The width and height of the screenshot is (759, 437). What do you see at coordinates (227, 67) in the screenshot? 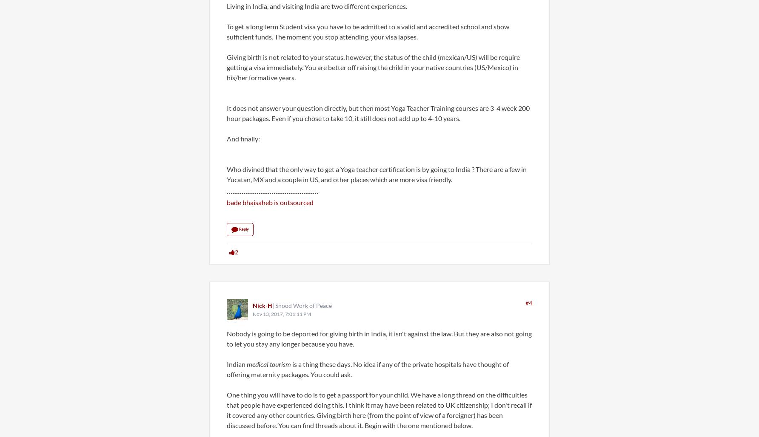
I see `'Giving birth is not related to your status, however, the status of the child (mexican/US) will be require getting a visa immediately.  You are better off raising the child in your native countries (US/Mexico) in his/her formative years.'` at bounding box center [227, 67].